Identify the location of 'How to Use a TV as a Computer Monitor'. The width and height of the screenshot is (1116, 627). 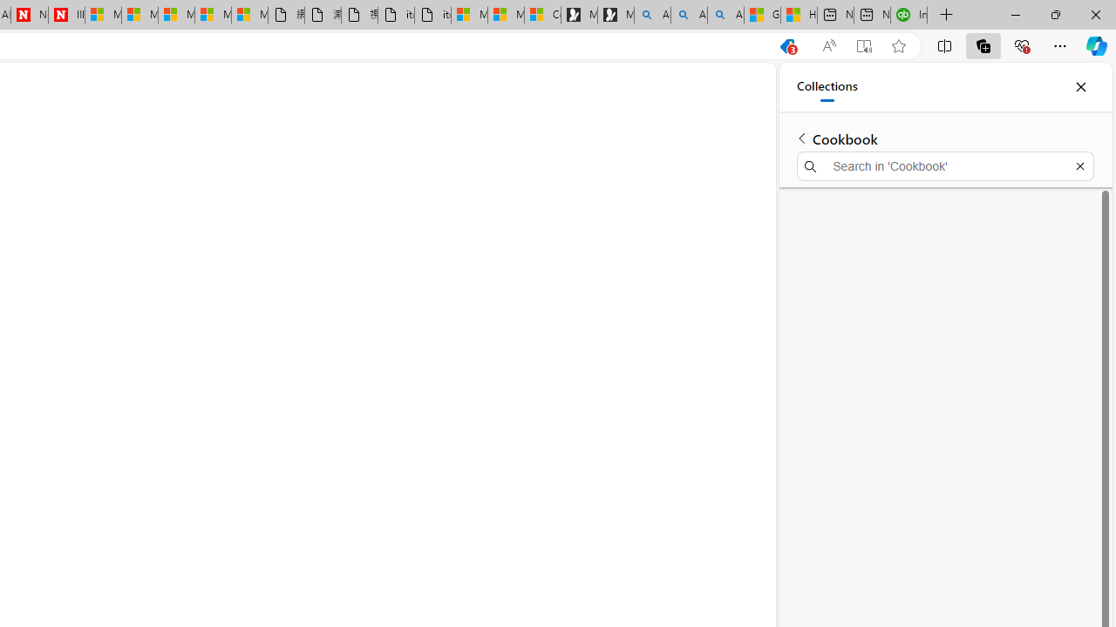
(798, 15).